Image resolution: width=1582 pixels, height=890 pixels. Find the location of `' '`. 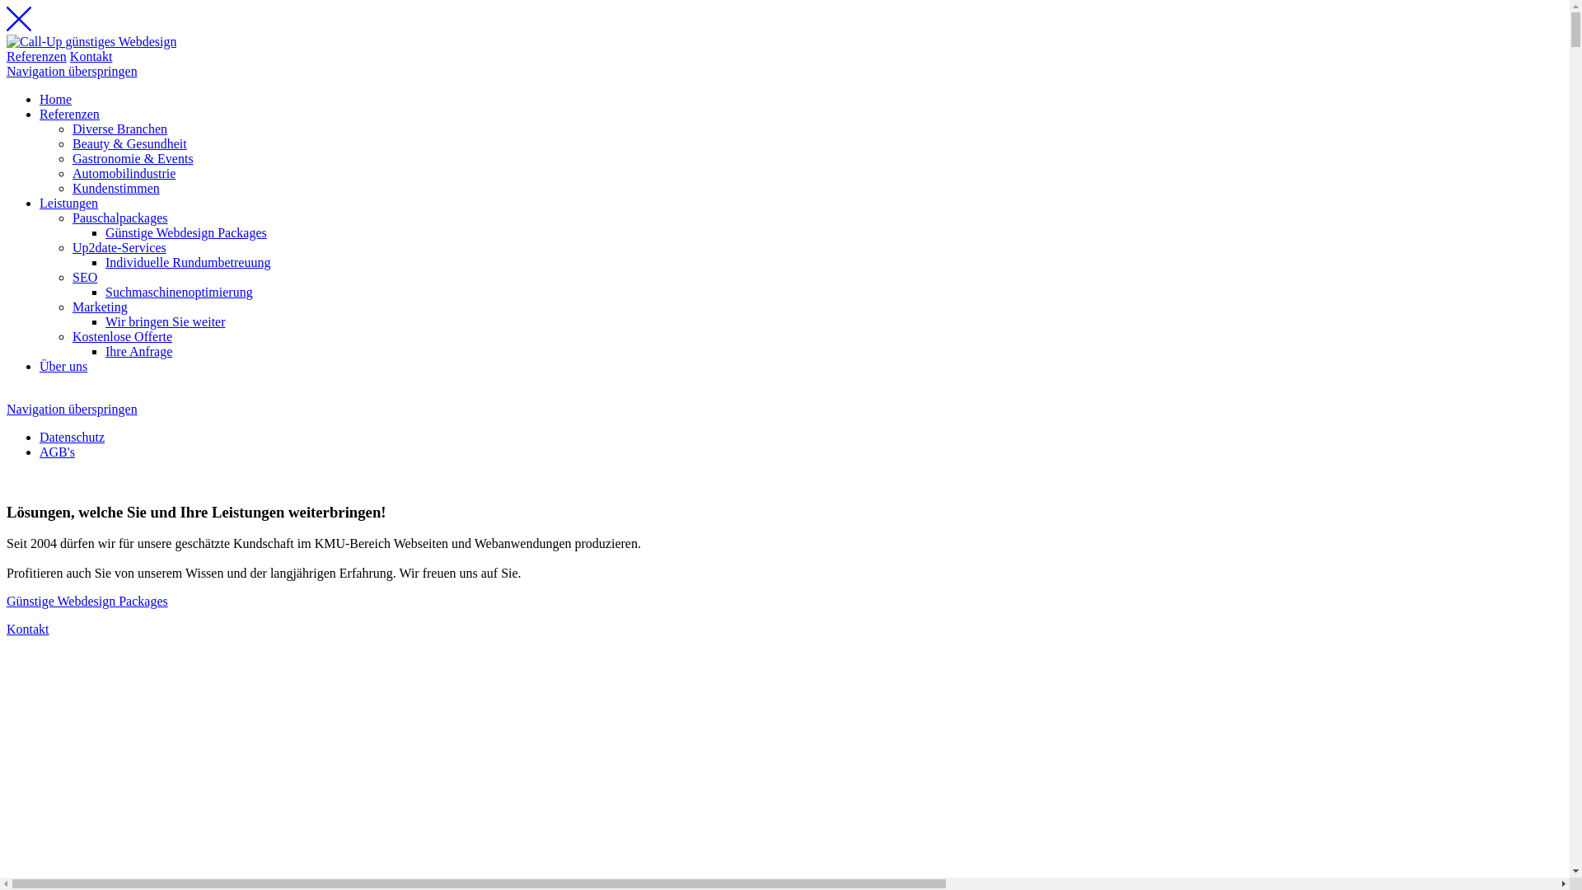

' ' is located at coordinates (7, 480).